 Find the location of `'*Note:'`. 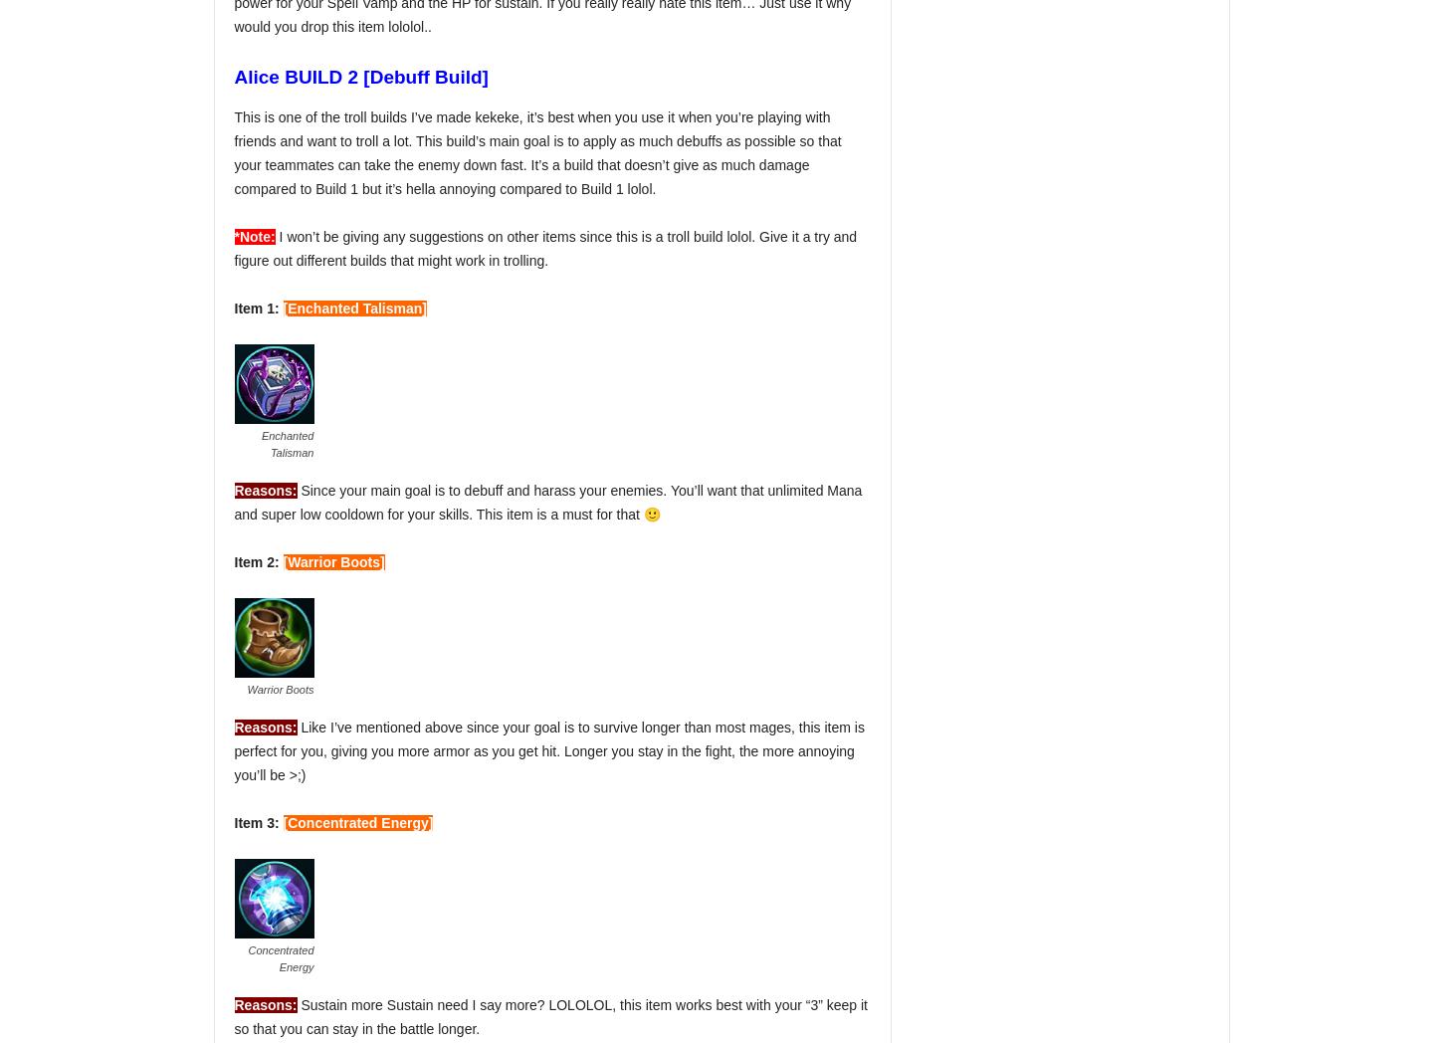

'*Note:' is located at coordinates (254, 237).